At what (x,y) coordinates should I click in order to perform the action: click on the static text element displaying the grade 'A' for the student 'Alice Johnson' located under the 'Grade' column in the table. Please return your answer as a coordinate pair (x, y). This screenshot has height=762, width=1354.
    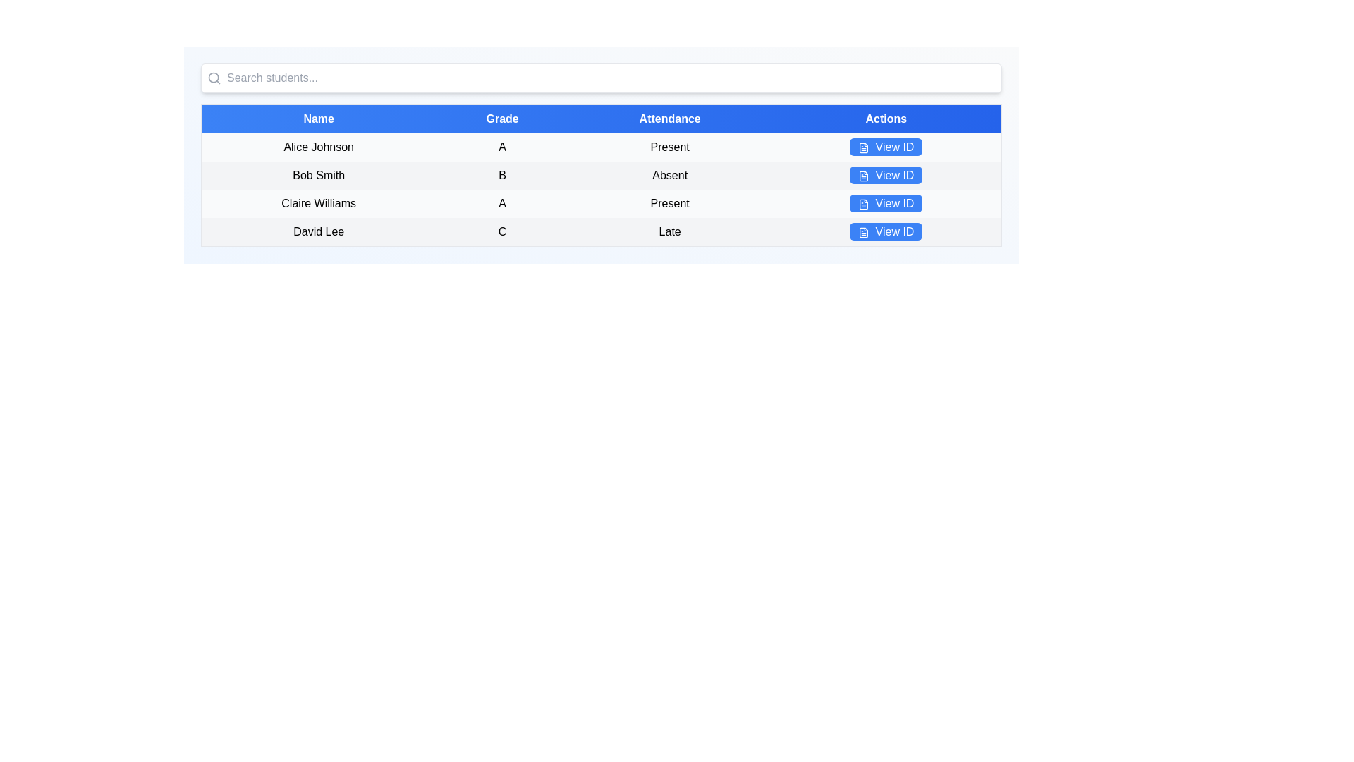
    Looking at the image, I should click on (502, 147).